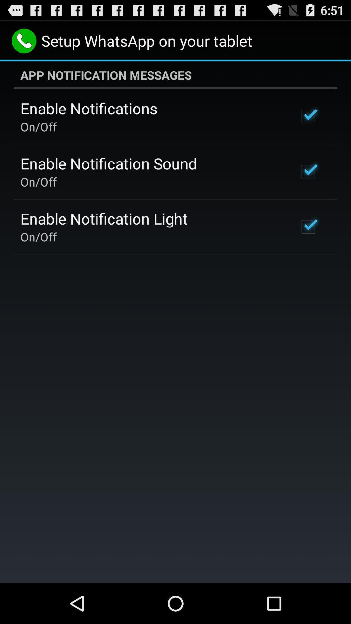 This screenshot has width=351, height=624. I want to click on app notification messages app, so click(175, 75).